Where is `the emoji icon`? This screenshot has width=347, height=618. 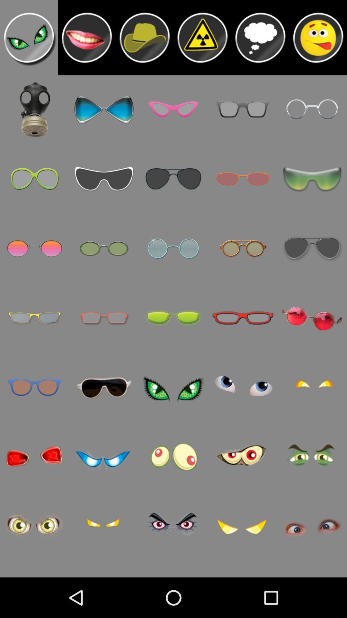 the emoji icon is located at coordinates (318, 40).